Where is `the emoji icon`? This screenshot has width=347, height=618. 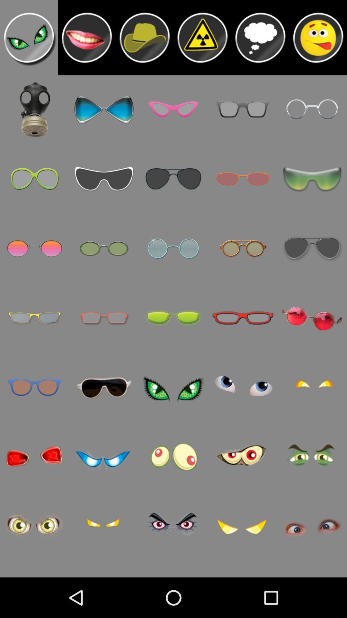 the emoji icon is located at coordinates (318, 40).